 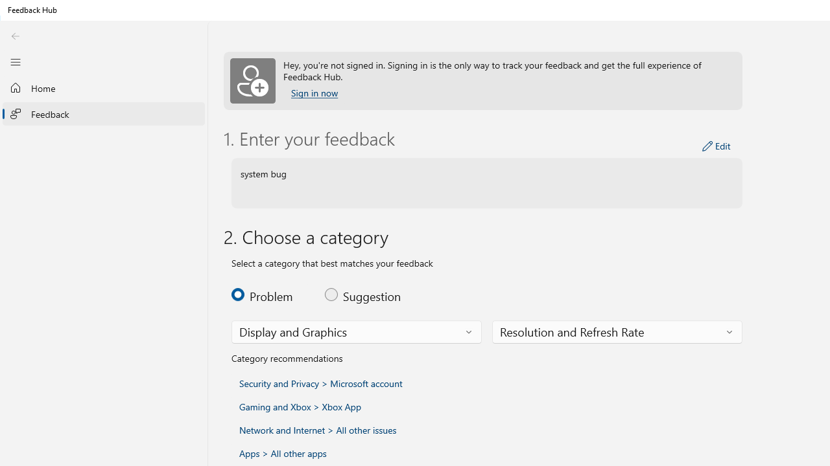 What do you see at coordinates (104, 87) in the screenshot?
I see `'Home'` at bounding box center [104, 87].